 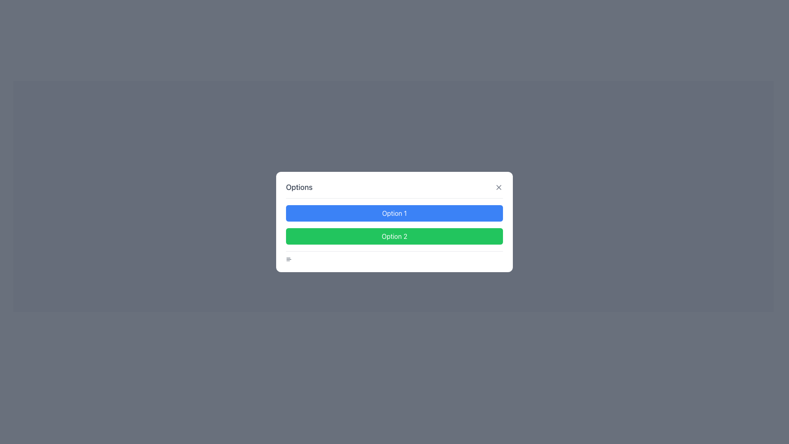 What do you see at coordinates (498, 187) in the screenshot?
I see `the close button icon located in the top-right corner of the white panel` at bounding box center [498, 187].